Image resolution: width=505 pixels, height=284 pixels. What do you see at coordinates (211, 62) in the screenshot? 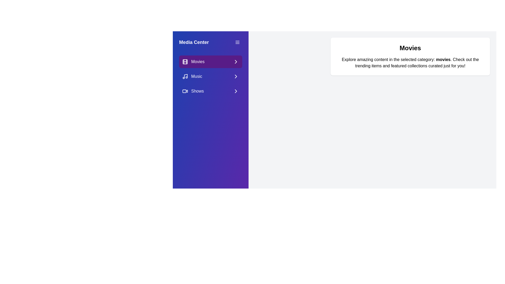
I see `the 'Movies' menu option located in the left sidebar` at bounding box center [211, 62].